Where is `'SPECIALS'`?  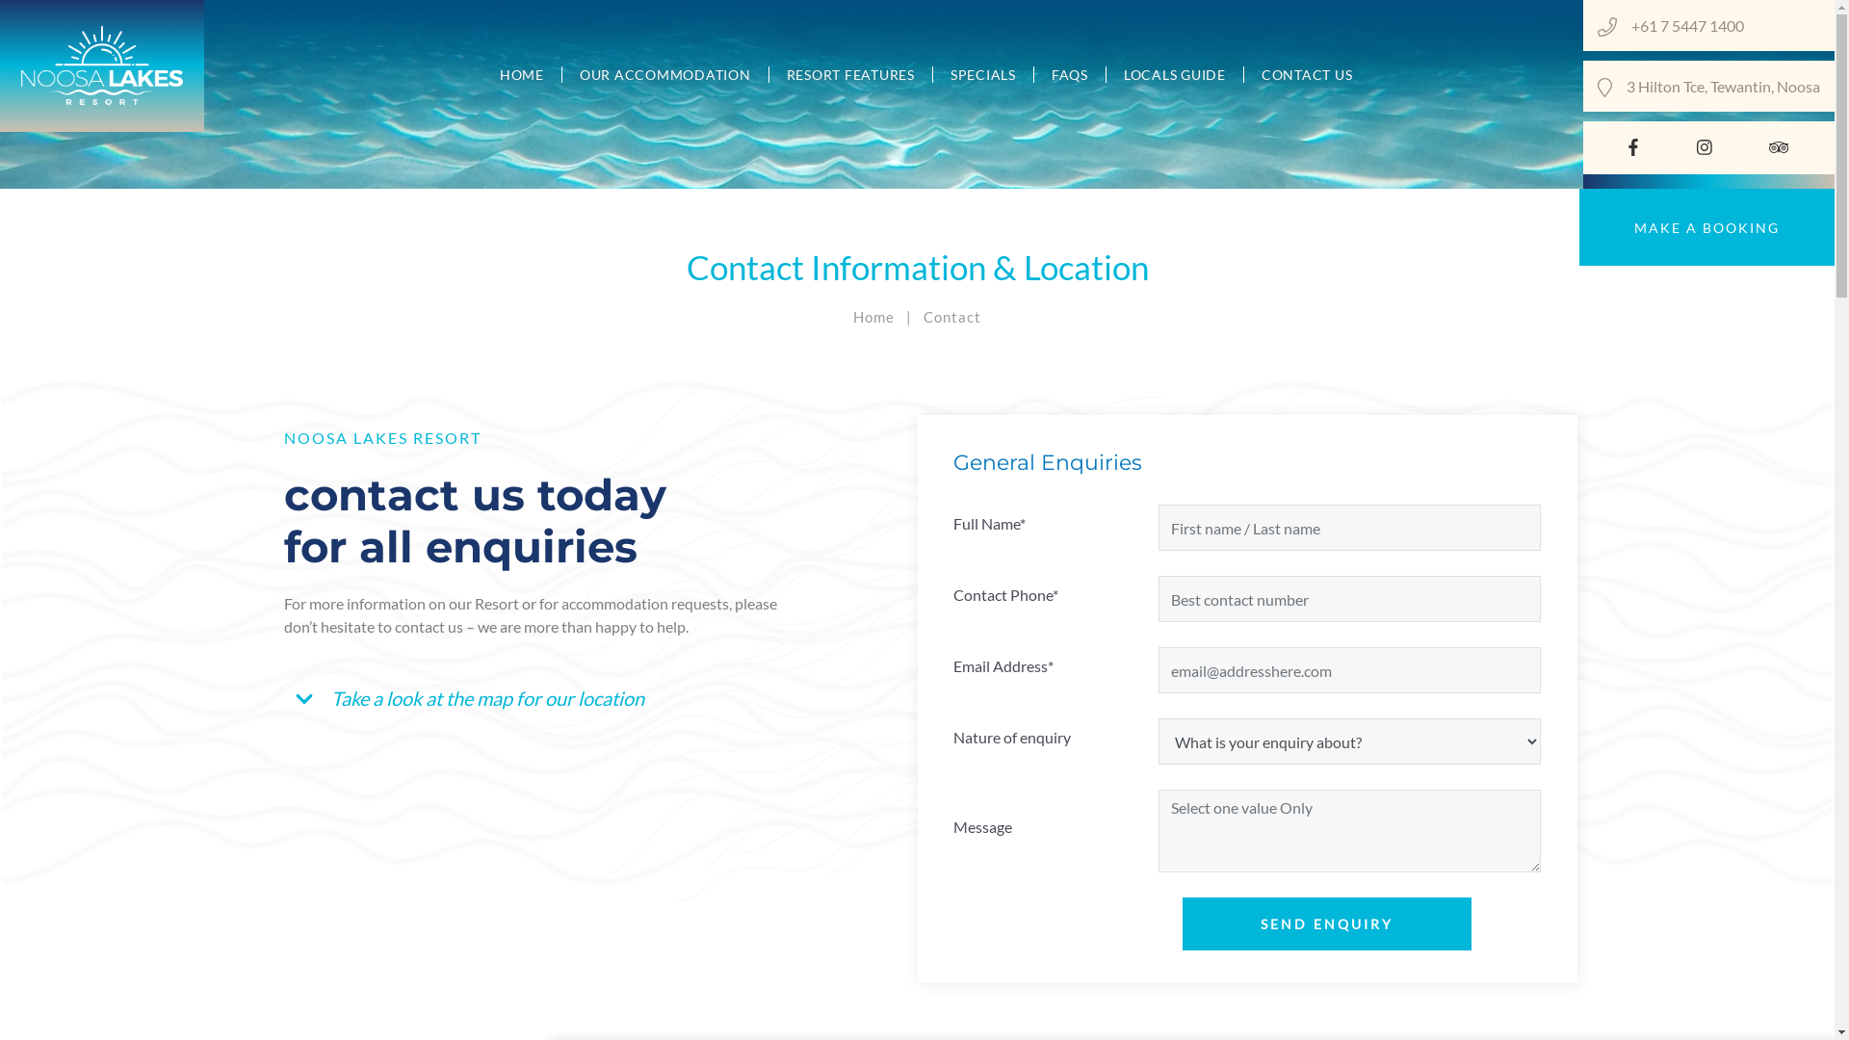 'SPECIALS' is located at coordinates (983, 73).